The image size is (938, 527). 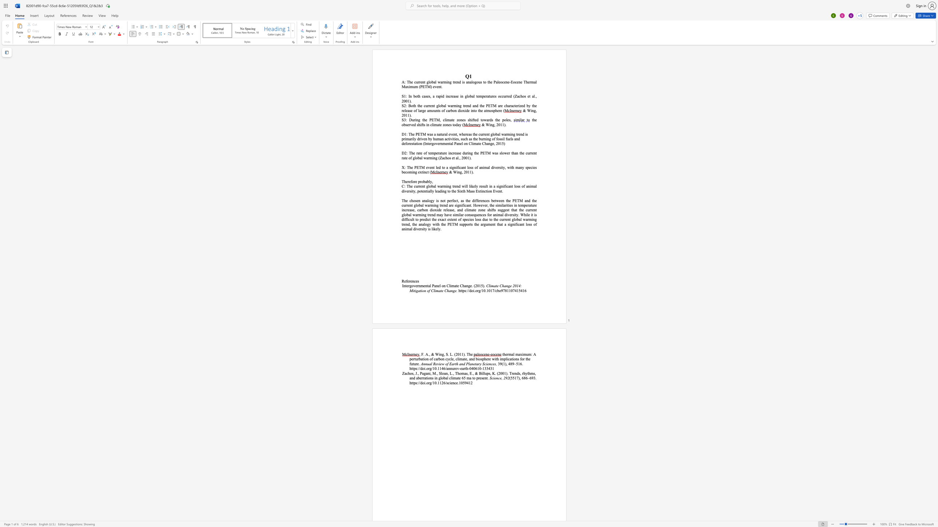 I want to click on the 5th character "e" in the text, so click(x=446, y=152).